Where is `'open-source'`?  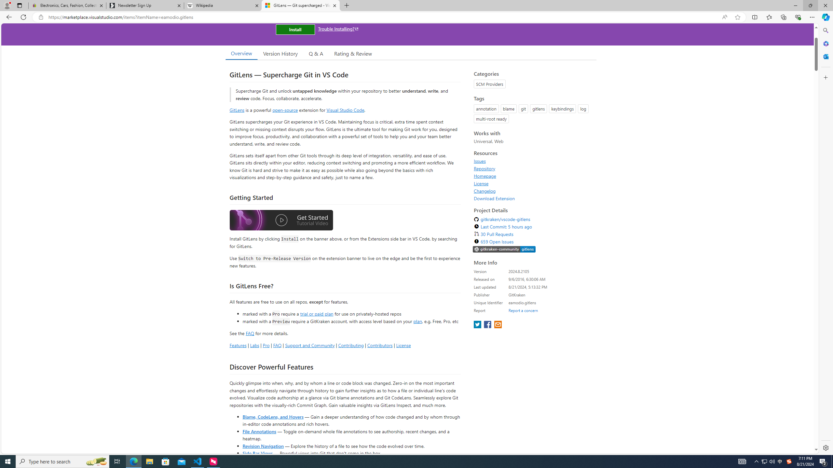 'open-source' is located at coordinates (285, 110).